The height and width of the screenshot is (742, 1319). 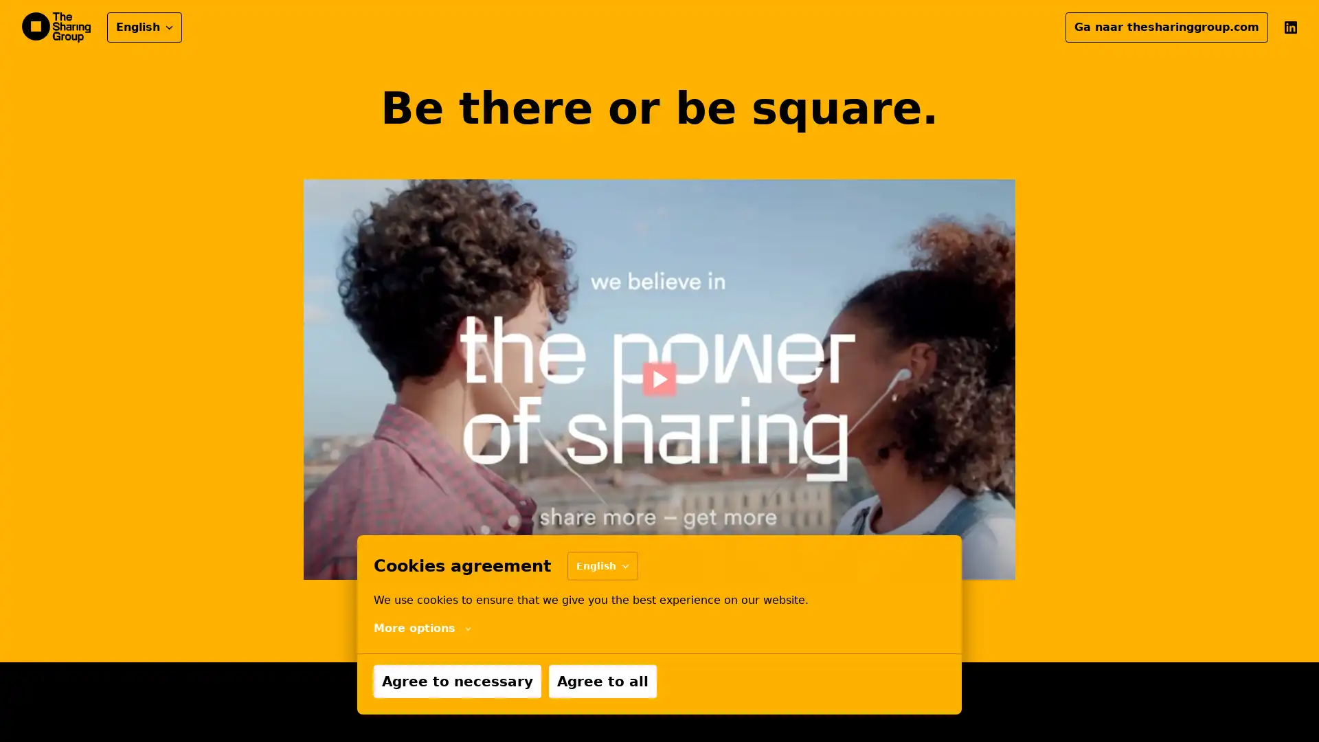 I want to click on More options, so click(x=421, y=628).